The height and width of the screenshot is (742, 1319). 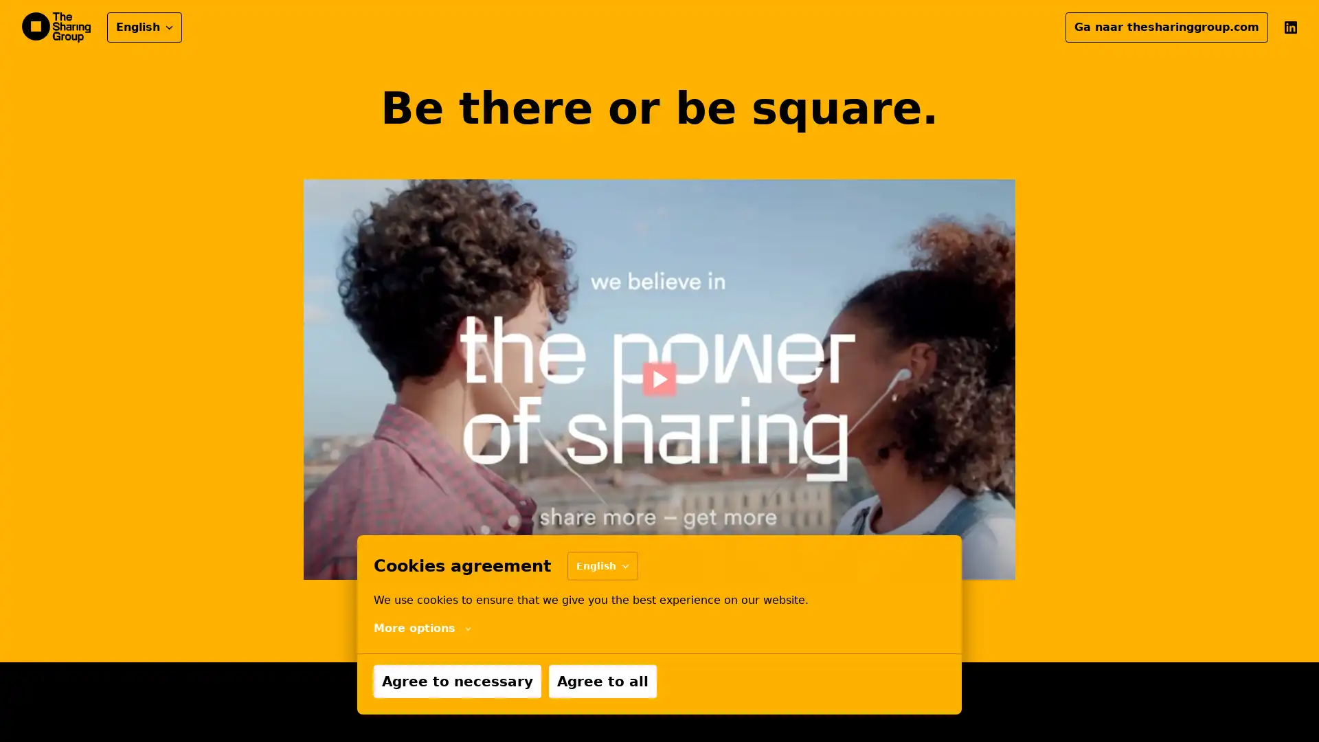 I want to click on More options, so click(x=421, y=628).